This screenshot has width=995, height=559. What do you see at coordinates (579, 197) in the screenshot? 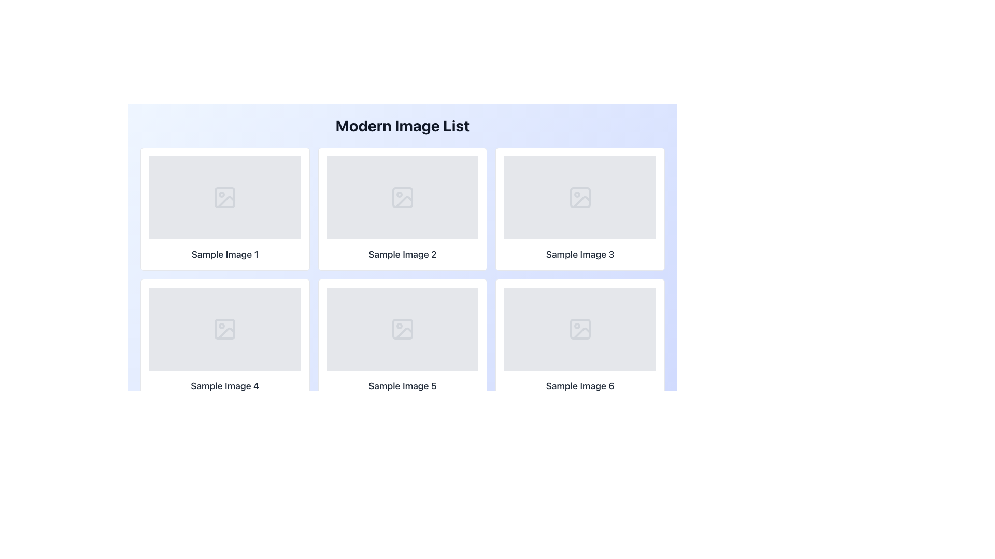
I see `the graphical placeholder or decorative component located inside 'Sample Image 3' in the grid of six images` at bounding box center [579, 197].